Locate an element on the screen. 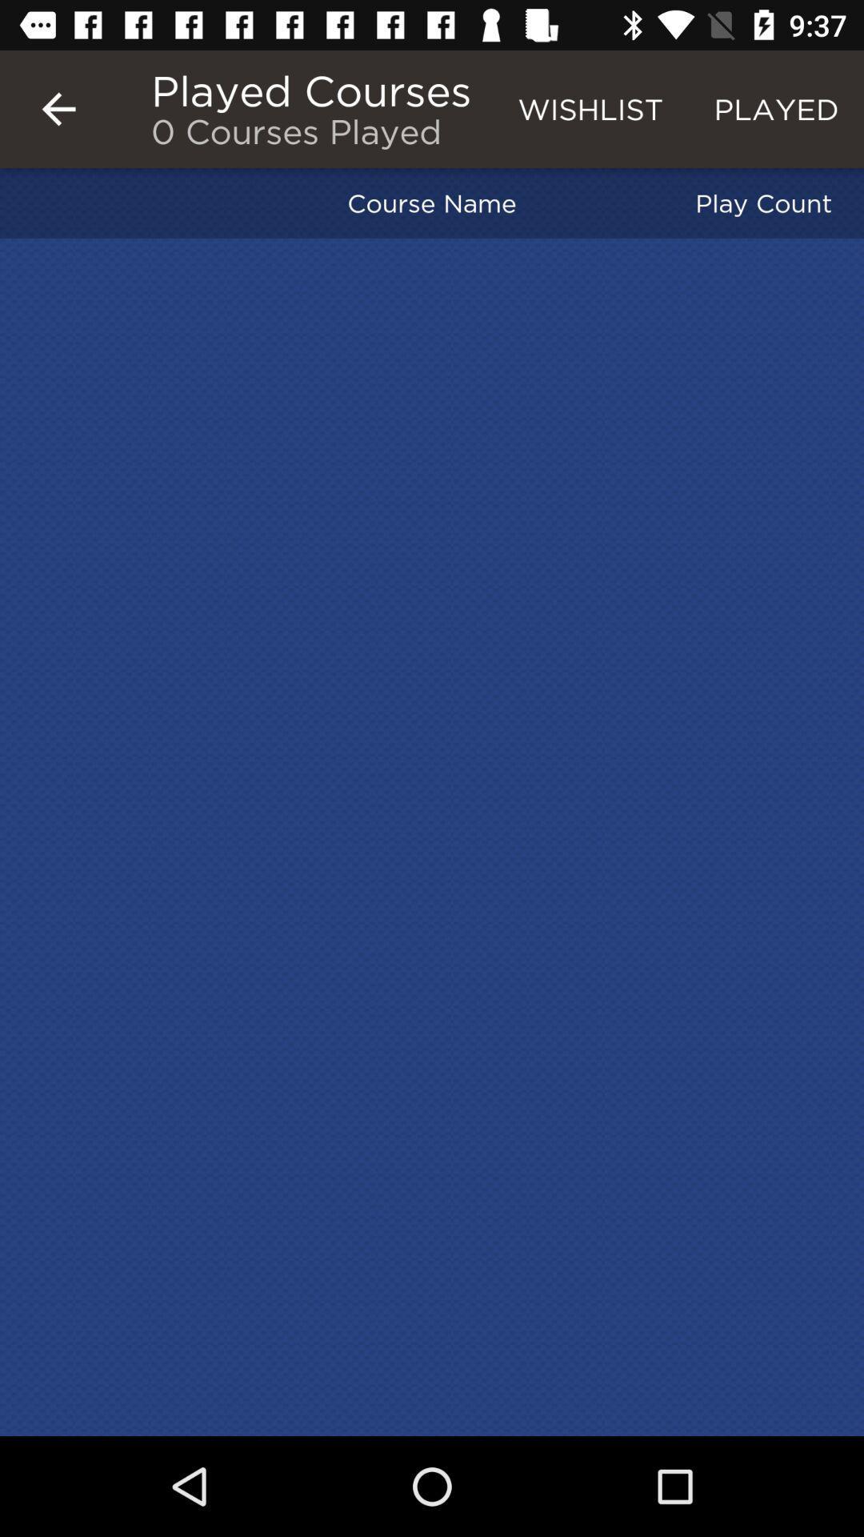 Image resolution: width=864 pixels, height=1537 pixels. item to the right of played courses item is located at coordinates (590, 108).